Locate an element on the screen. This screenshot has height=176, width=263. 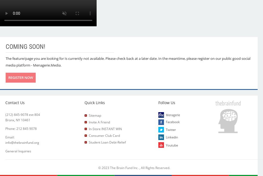
'Follow Us' is located at coordinates (167, 102).